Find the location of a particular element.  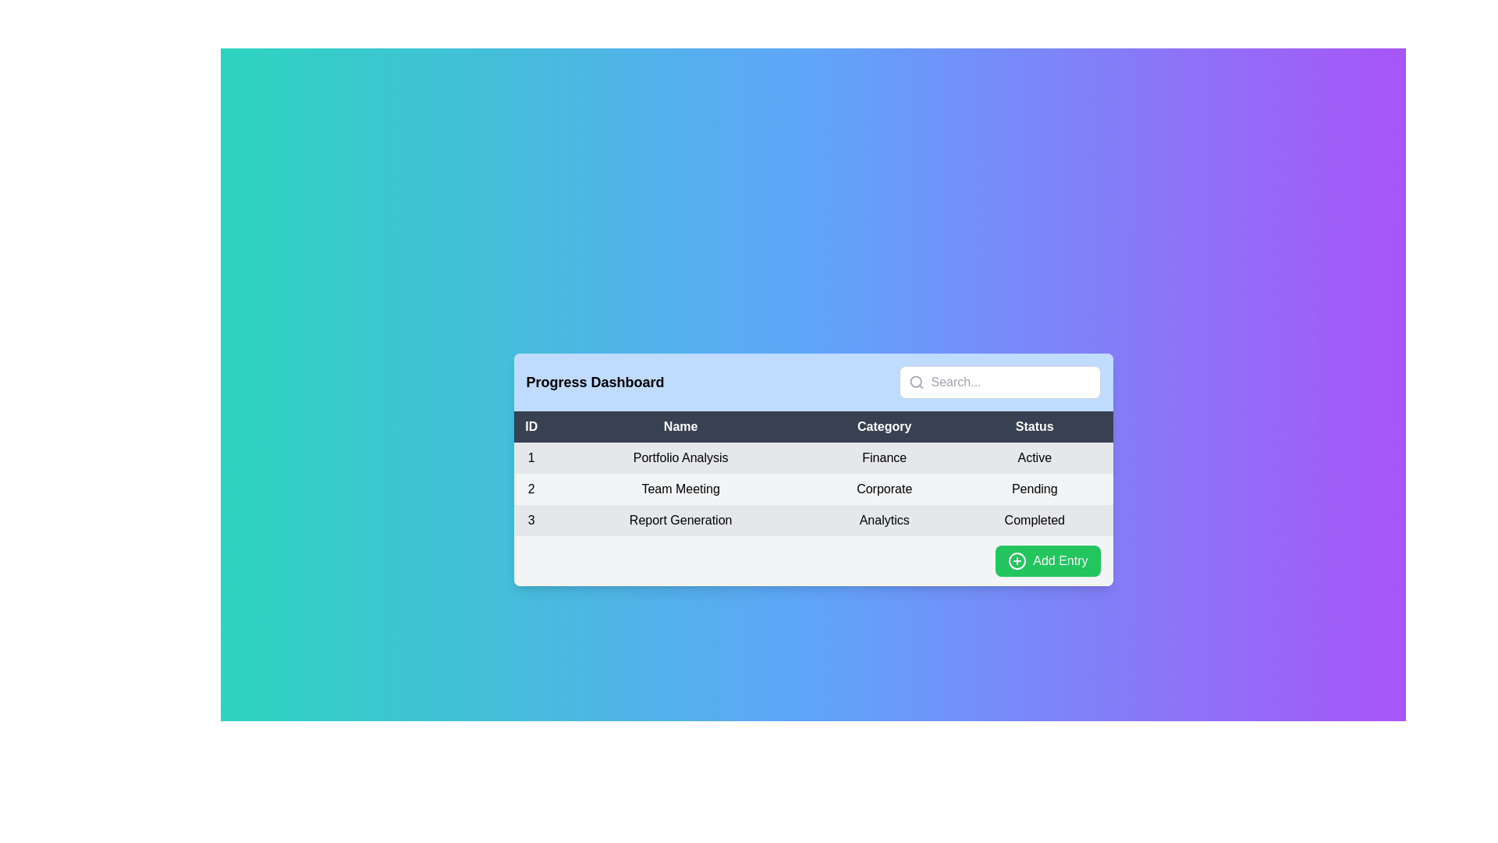

the text label displaying the number '3' in bold and black font located in the 'ID' column of the 'Report Generation' row in the table is located at coordinates (531, 521).